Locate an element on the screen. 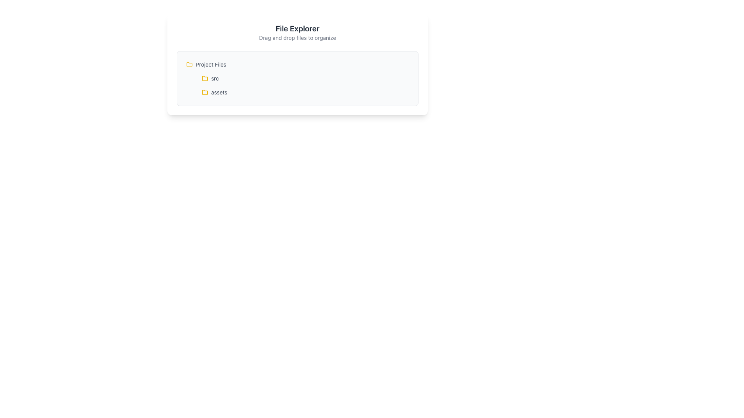 The image size is (744, 418). the static text element that reads 'Drag and drop files to organize', which is located beneath the 'File Explorer' heading is located at coordinates (297, 38).